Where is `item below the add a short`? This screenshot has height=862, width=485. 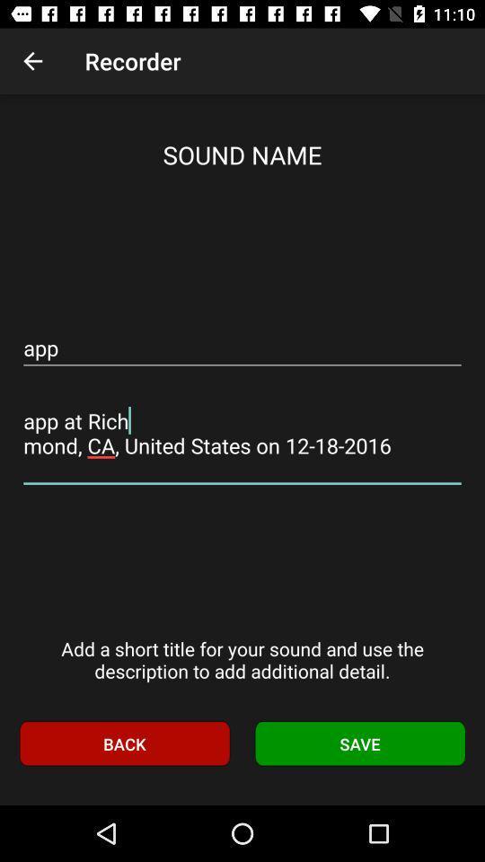
item below the add a short is located at coordinates (360, 743).